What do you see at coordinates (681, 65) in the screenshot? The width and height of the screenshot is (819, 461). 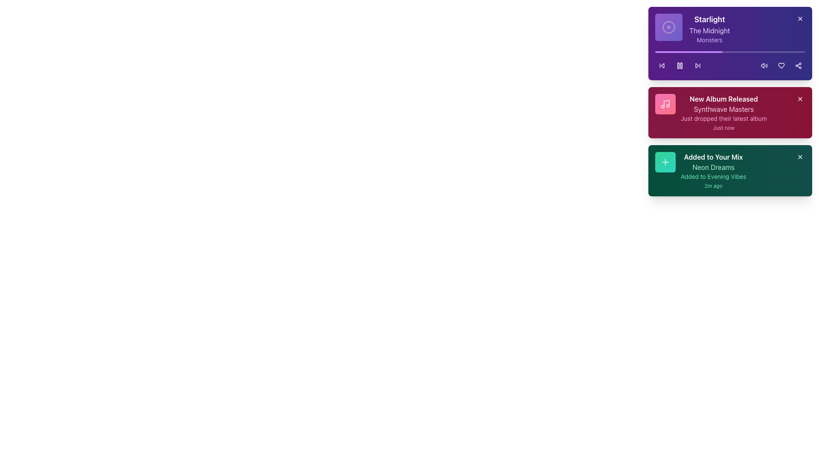 I see `the right rectangle of the pause button icon in the media controls of the notification card` at bounding box center [681, 65].